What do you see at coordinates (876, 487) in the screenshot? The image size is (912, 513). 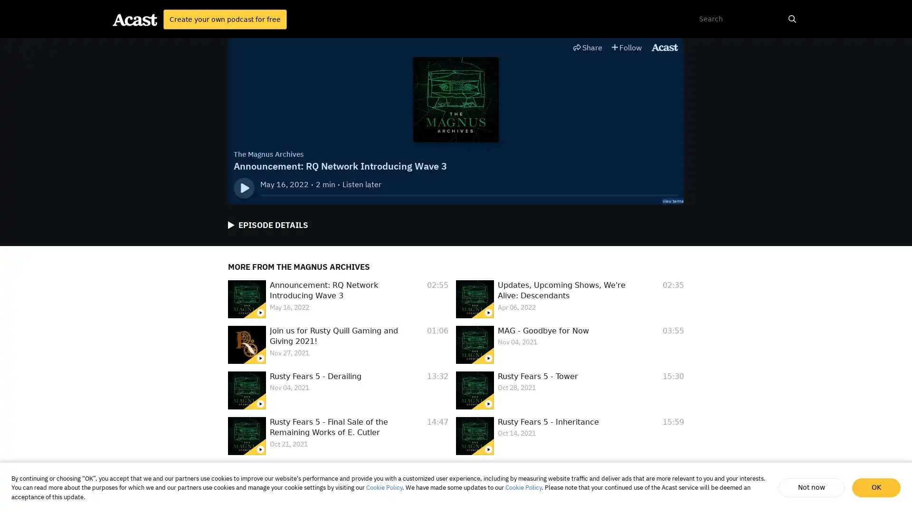 I see `OK` at bounding box center [876, 487].